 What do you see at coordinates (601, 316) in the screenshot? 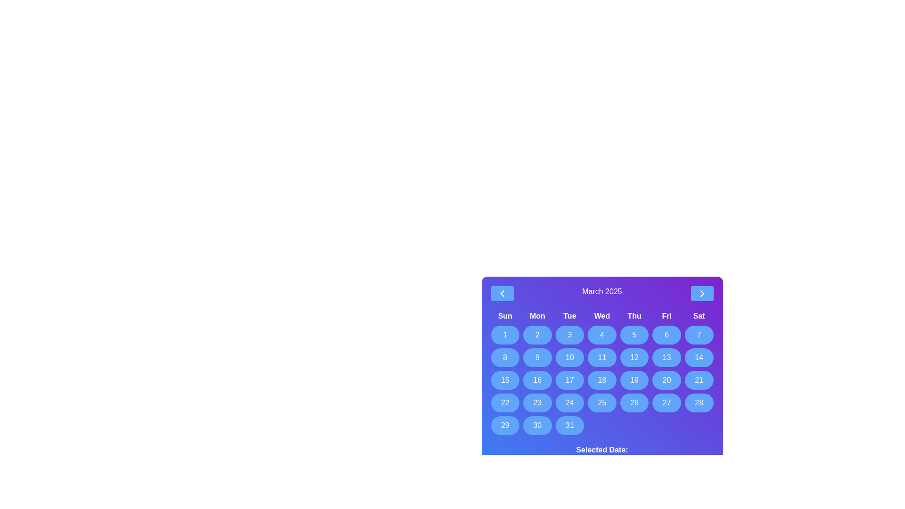
I see `the non-interactive text label indicating 'Wednesday', which is the fourth label in a row of weekday names within the calendar header` at bounding box center [601, 316].